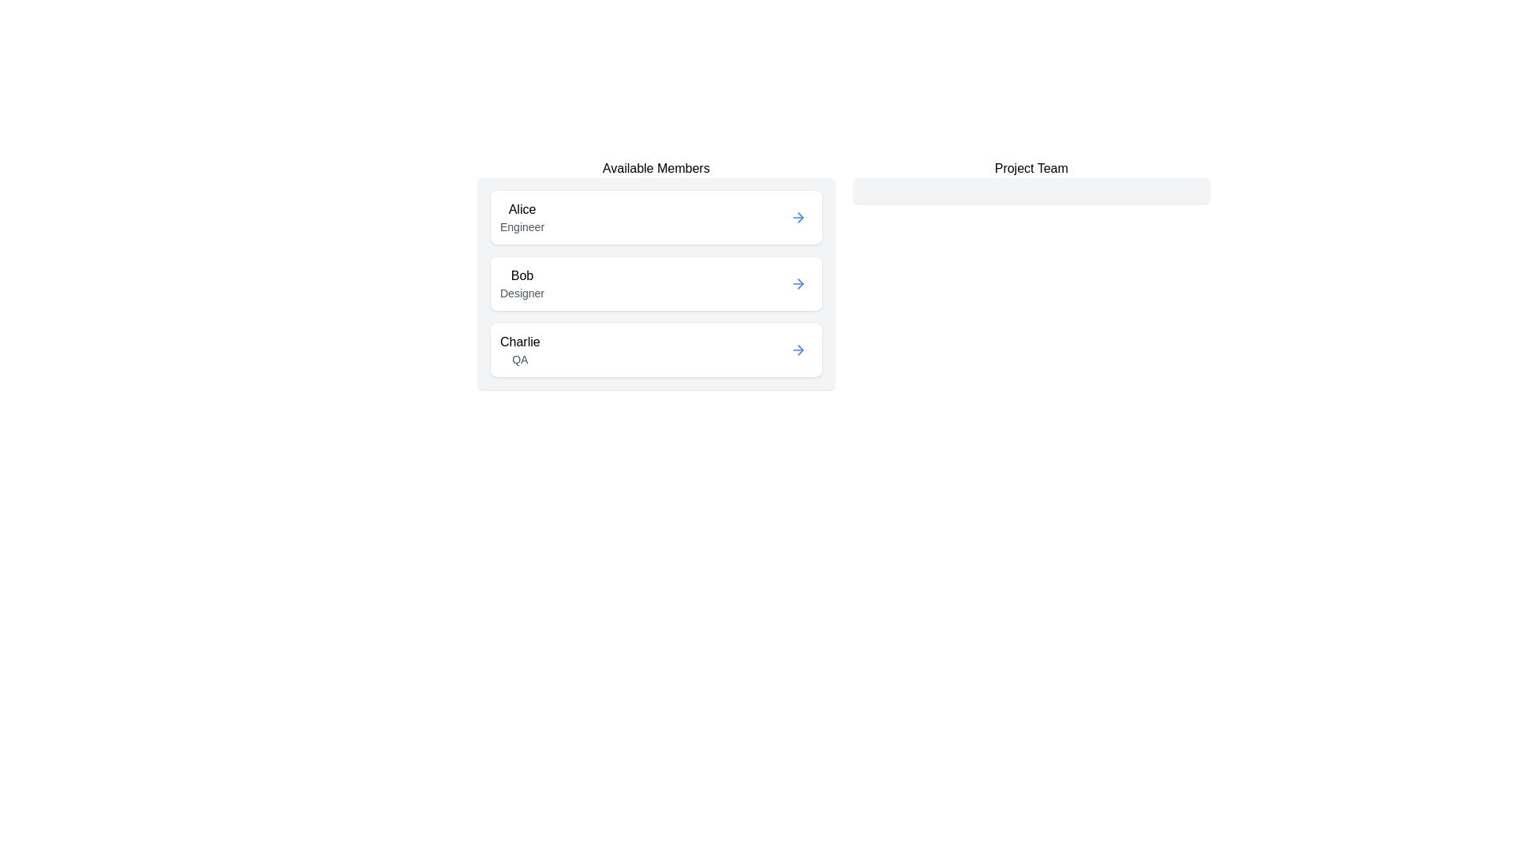 Image resolution: width=1515 pixels, height=852 pixels. Describe the element at coordinates (798, 349) in the screenshot. I see `arrow button next to Charlie to transfer them to the Project Team` at that location.